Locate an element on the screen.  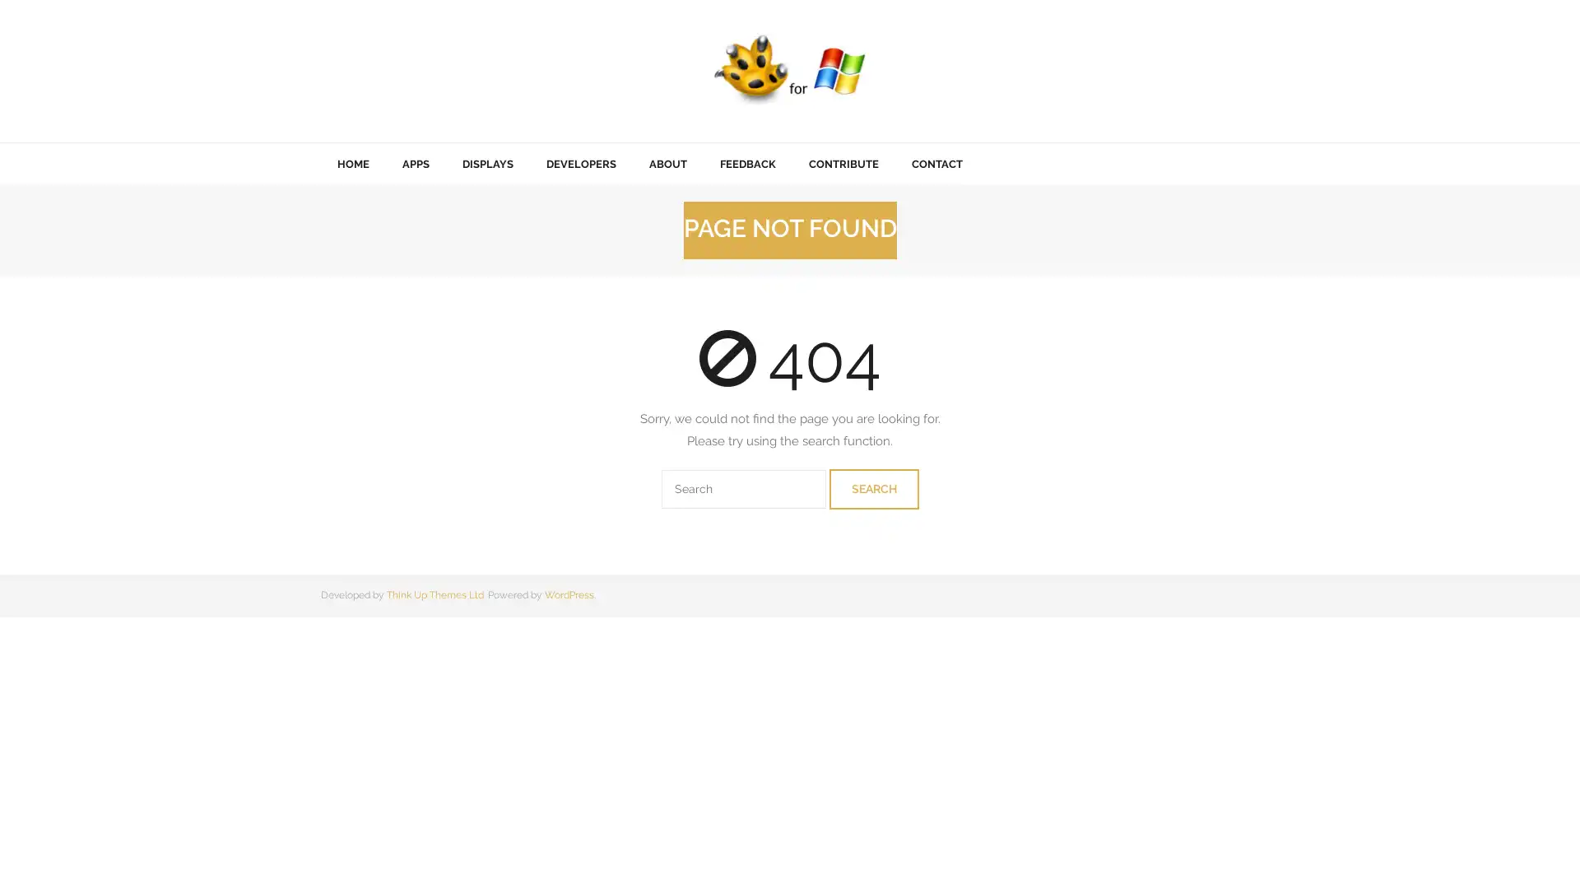
Search is located at coordinates (872, 488).